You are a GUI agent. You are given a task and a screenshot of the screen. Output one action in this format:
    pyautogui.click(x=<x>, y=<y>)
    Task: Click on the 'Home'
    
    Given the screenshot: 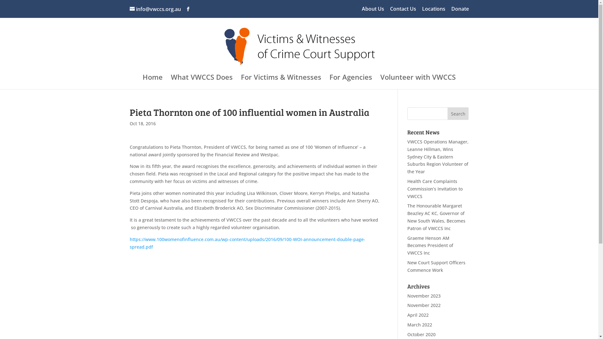 What is the action you would take?
    pyautogui.click(x=152, y=82)
    